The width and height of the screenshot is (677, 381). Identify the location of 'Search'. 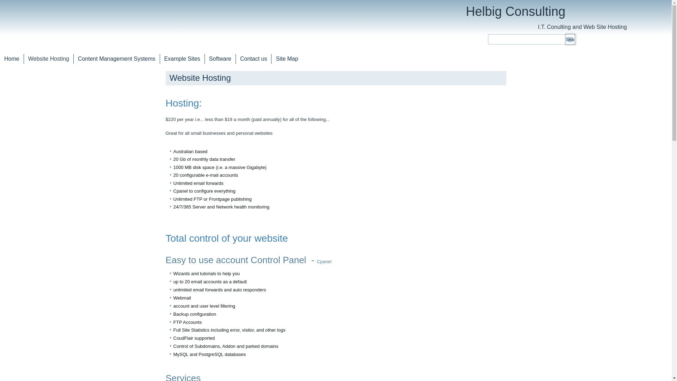
(570, 39).